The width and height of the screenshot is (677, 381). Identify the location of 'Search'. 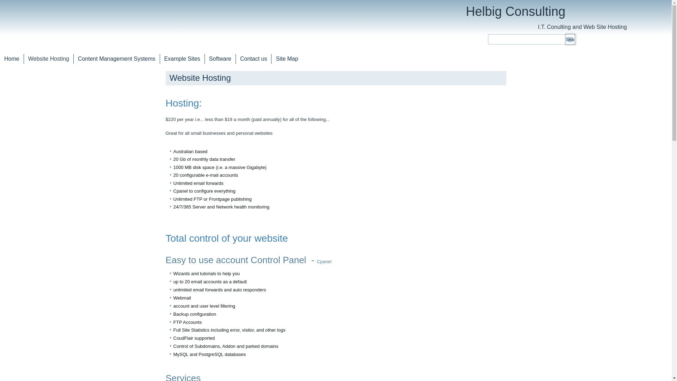
(570, 39).